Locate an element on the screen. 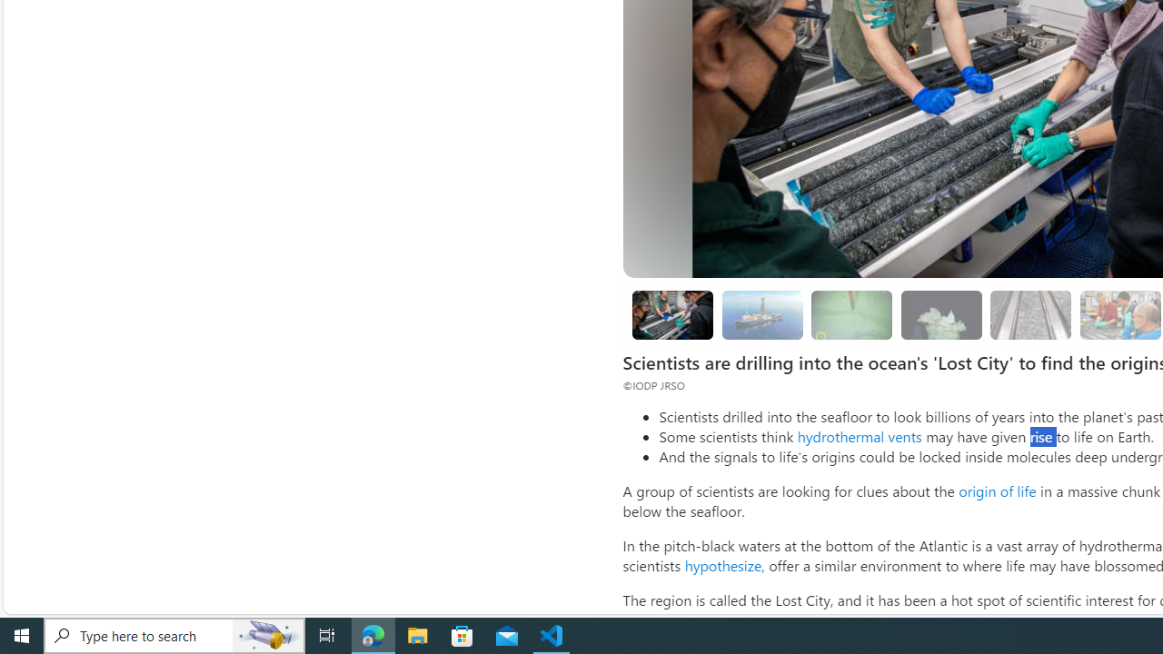 The width and height of the screenshot is (1163, 654). 'origin of life' is located at coordinates (996, 490).